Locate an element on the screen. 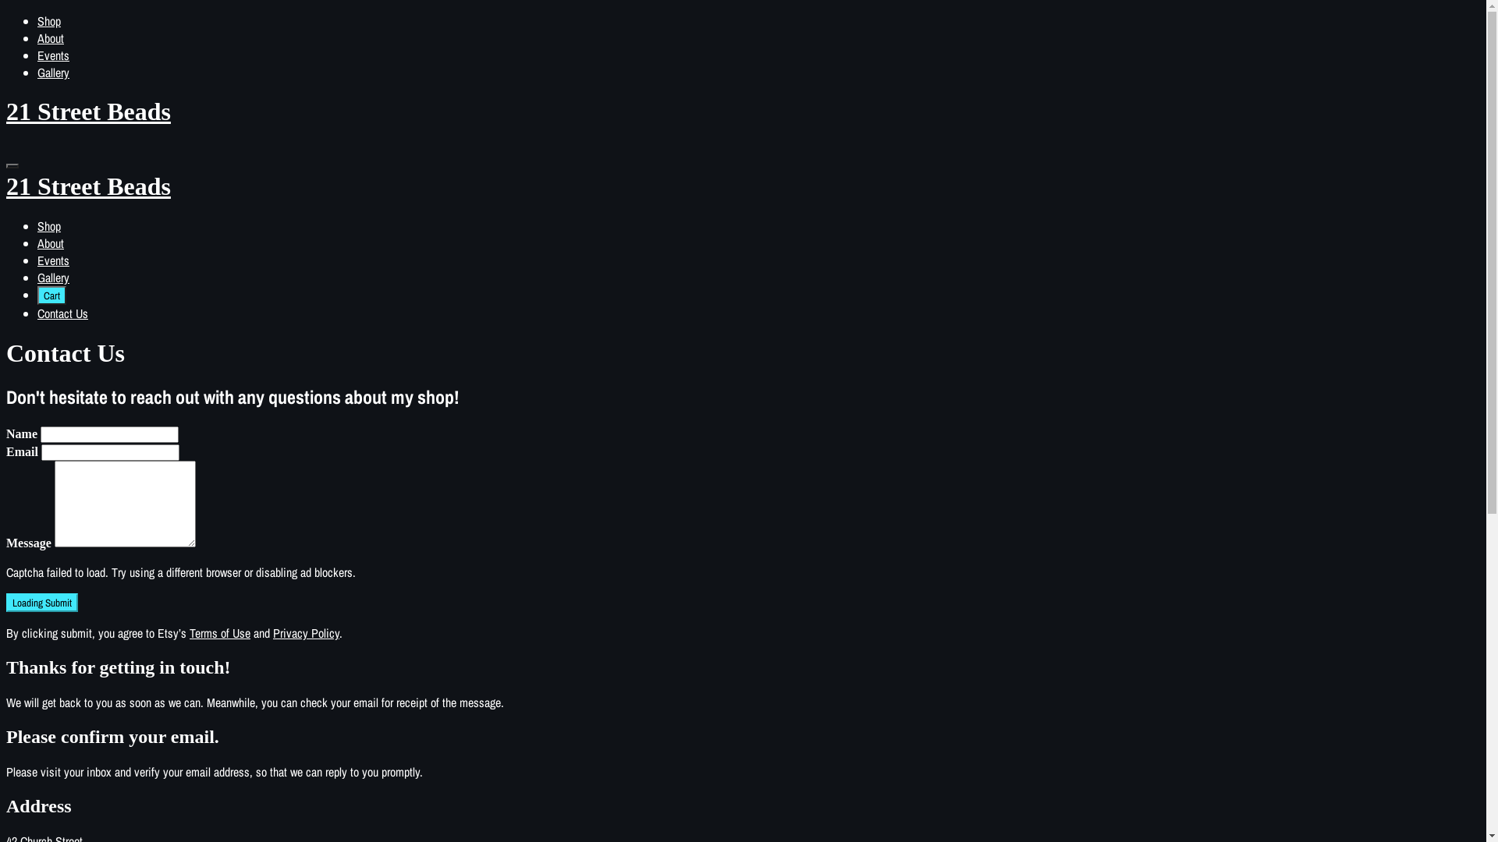 The width and height of the screenshot is (1498, 842). 'Shop' is located at coordinates (37, 21).